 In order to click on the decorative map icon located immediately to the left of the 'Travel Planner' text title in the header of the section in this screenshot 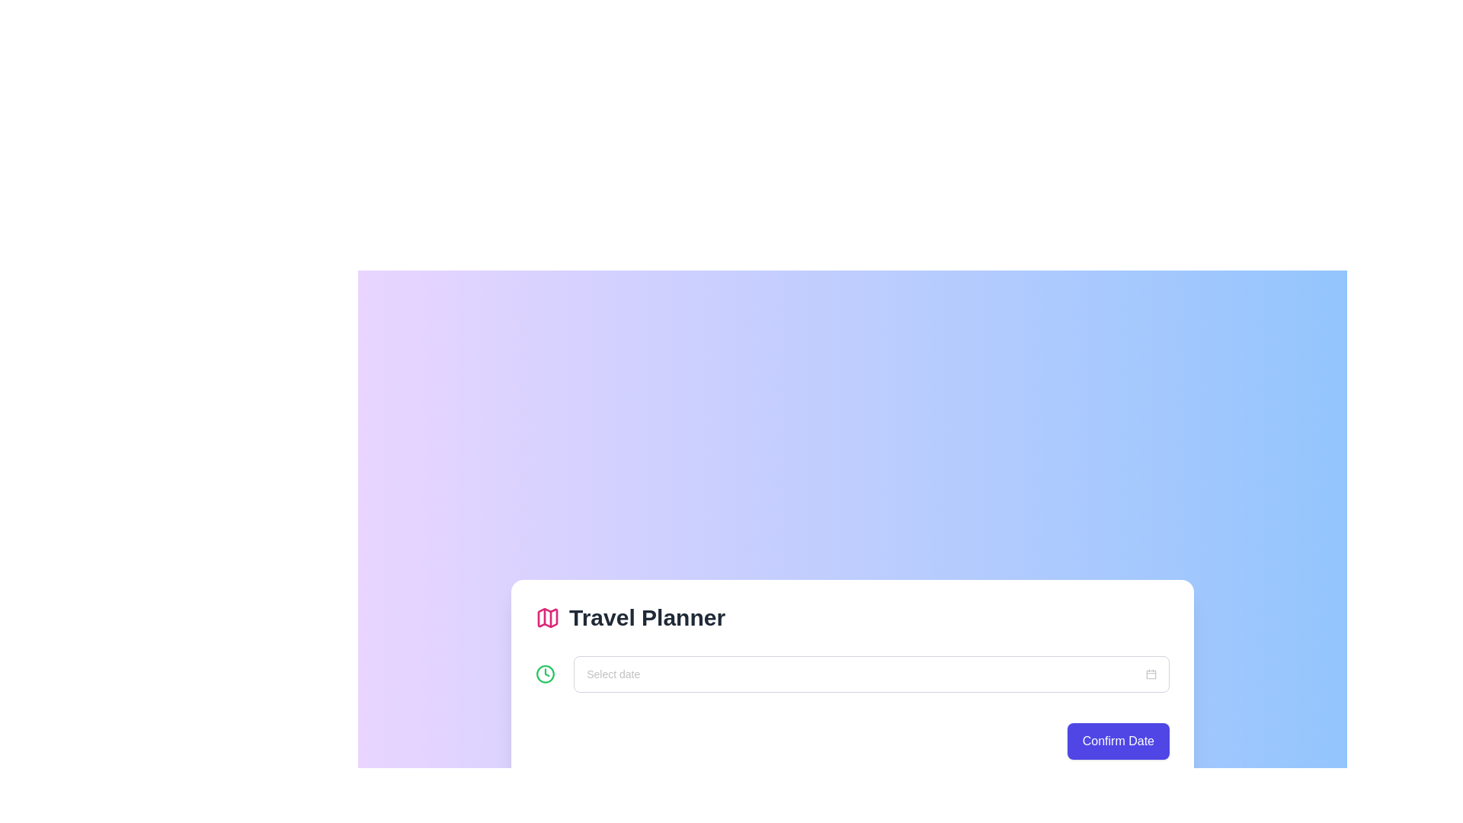, I will do `click(548, 617)`.